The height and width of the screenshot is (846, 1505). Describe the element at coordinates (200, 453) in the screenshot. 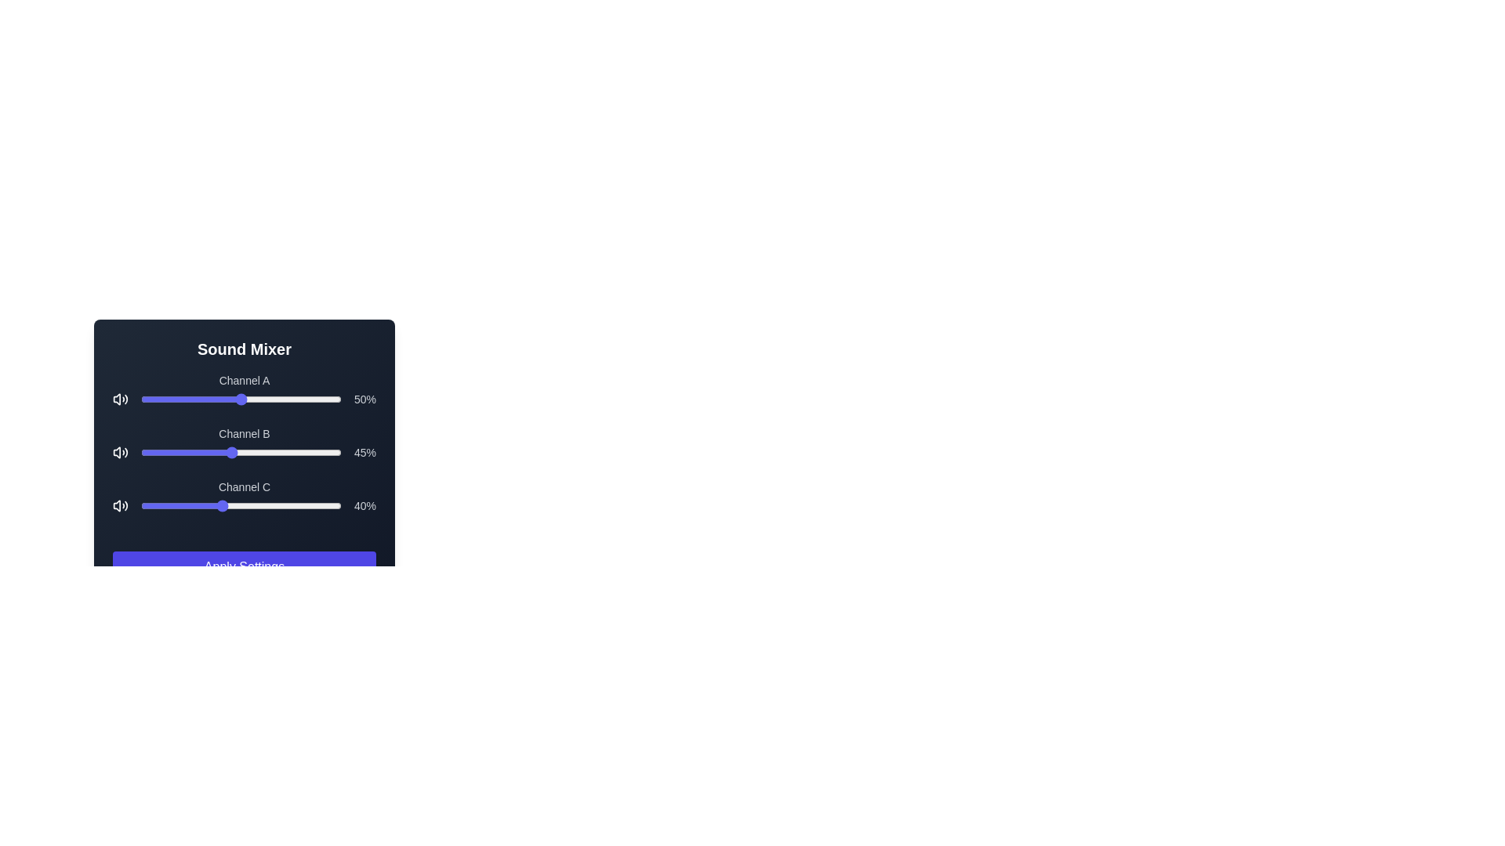

I see `the Channel B volume` at that location.